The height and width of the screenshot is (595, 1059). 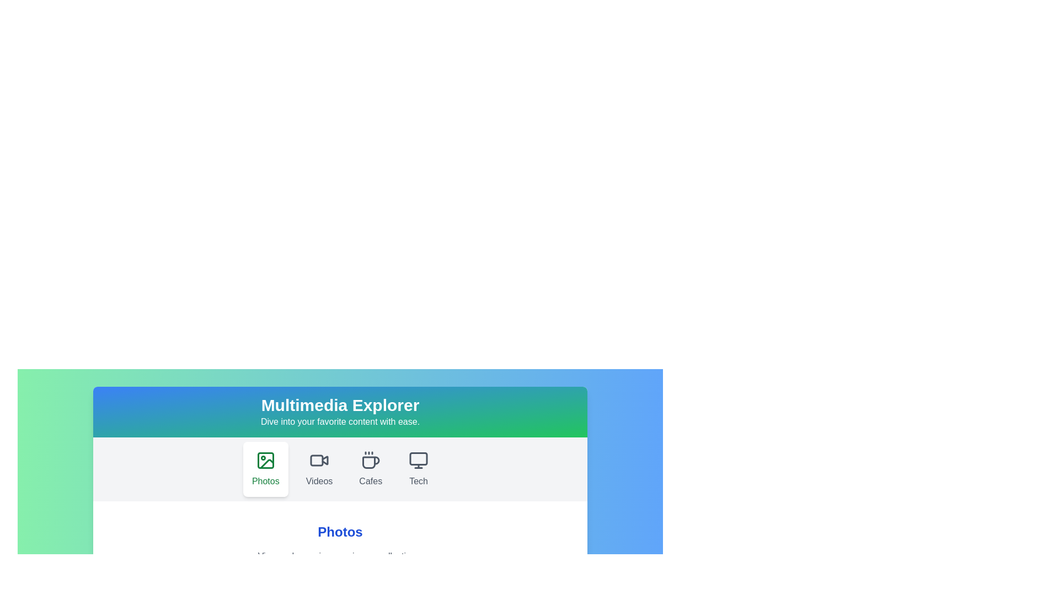 I want to click on the tab titled 'Cafes' and its associated icon, so click(x=371, y=469).